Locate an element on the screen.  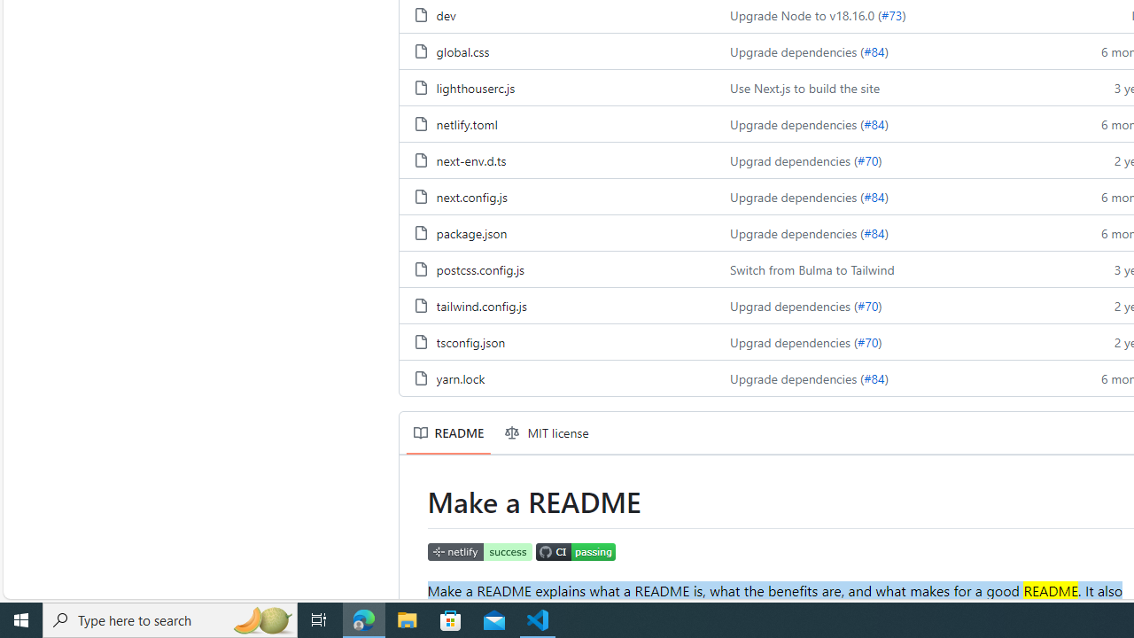
'Upgrade Node to v18.16.0 (' is located at coordinates (805, 15).